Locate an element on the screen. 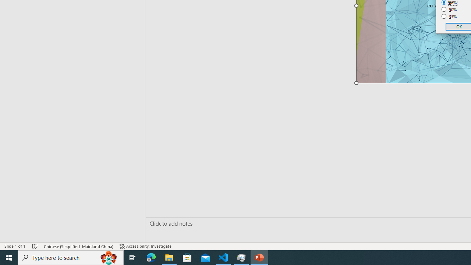  'Search highlights icon opens search home window' is located at coordinates (108, 257).